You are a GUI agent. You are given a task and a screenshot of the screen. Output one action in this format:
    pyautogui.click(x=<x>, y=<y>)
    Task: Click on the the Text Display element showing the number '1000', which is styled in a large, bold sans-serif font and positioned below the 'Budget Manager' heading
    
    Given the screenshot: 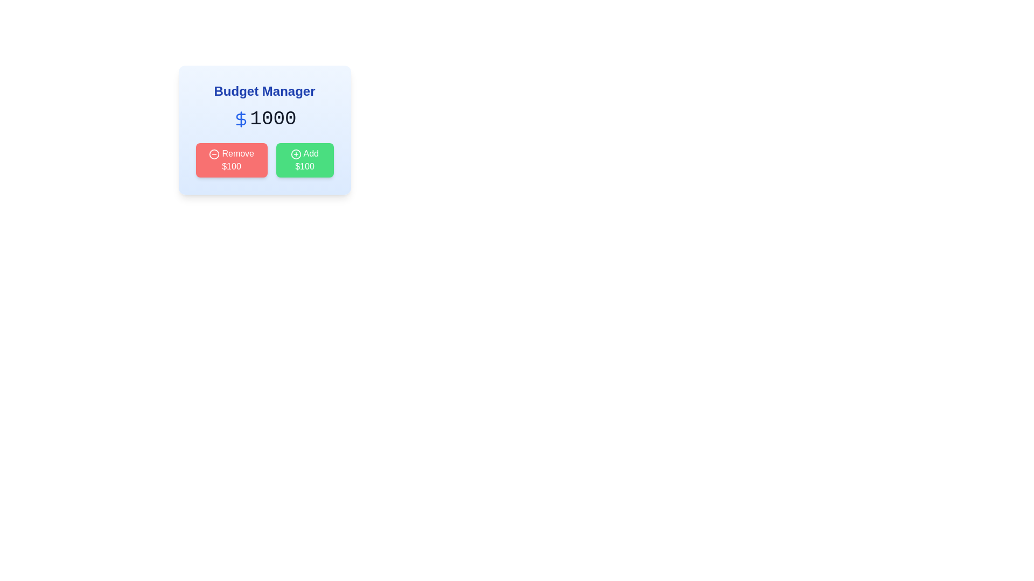 What is the action you would take?
    pyautogui.click(x=264, y=119)
    